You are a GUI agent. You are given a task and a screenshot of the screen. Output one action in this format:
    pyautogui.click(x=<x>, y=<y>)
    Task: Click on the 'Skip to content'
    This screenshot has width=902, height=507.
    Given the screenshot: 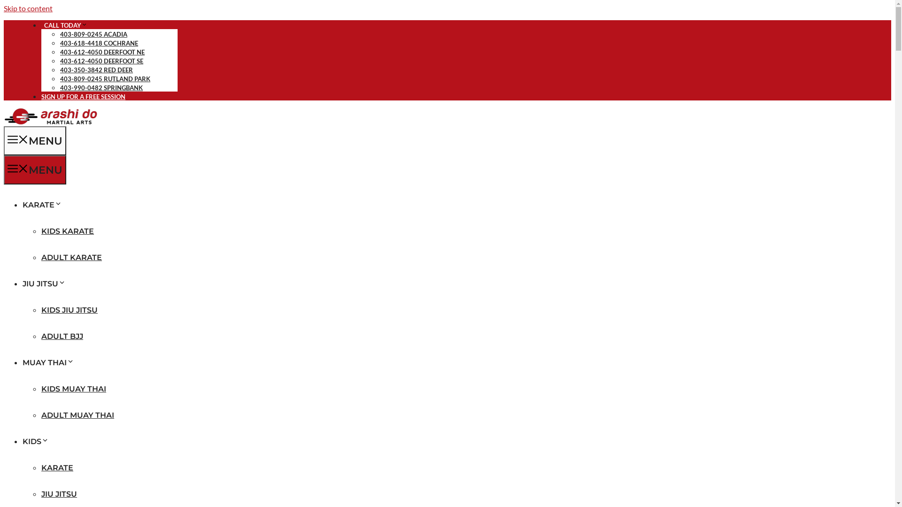 What is the action you would take?
    pyautogui.click(x=28, y=8)
    